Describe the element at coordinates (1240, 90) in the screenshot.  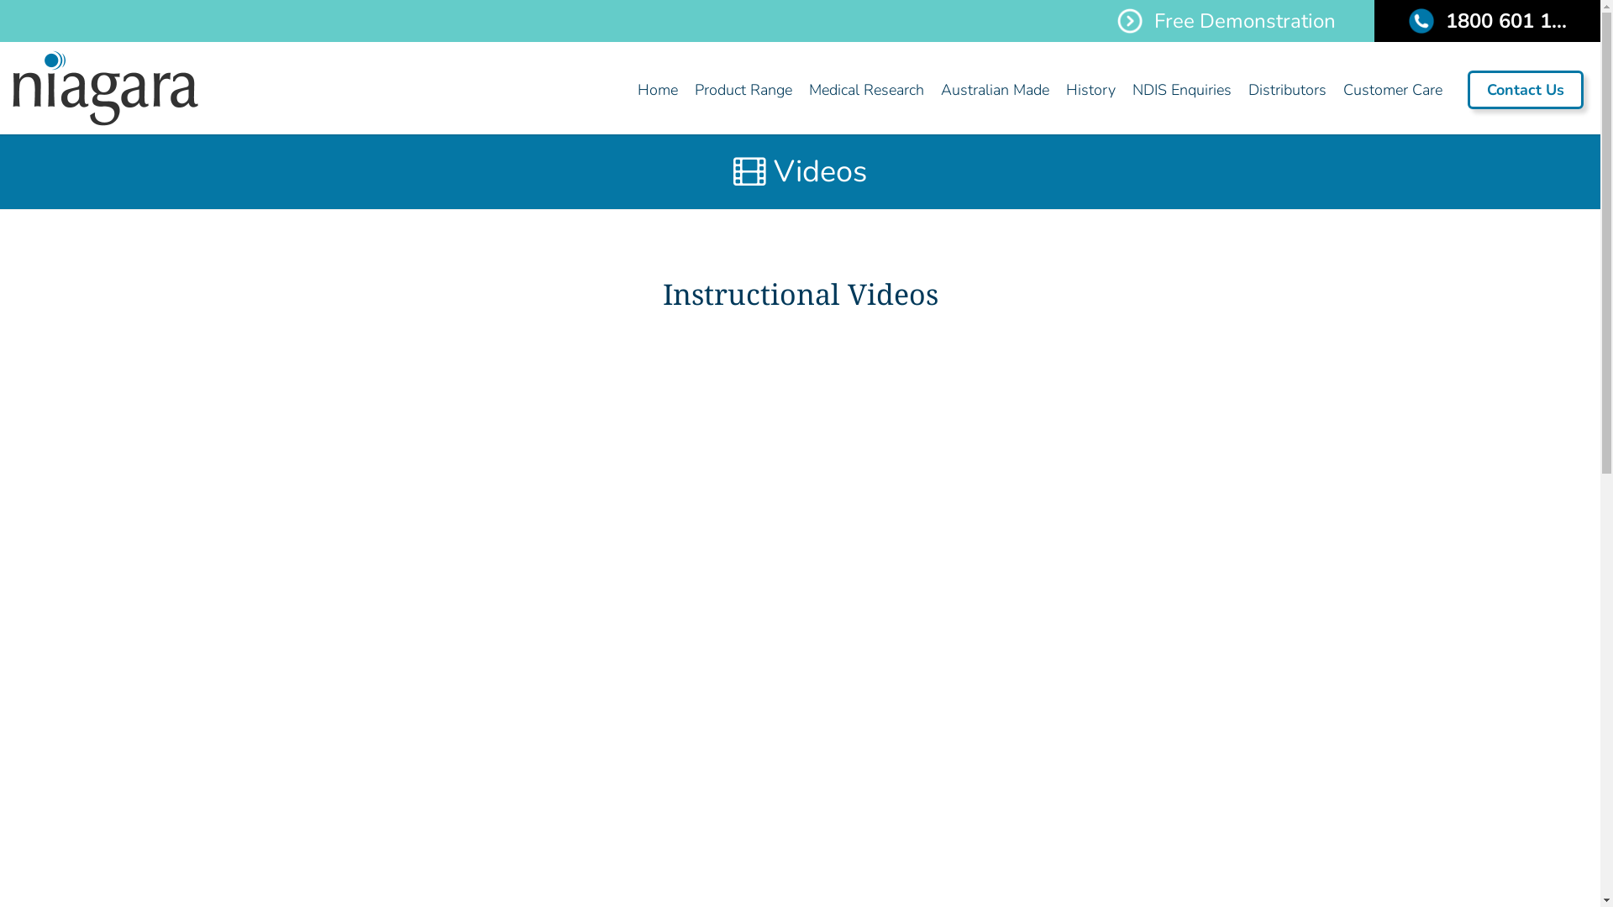
I see `'Distributors'` at that location.